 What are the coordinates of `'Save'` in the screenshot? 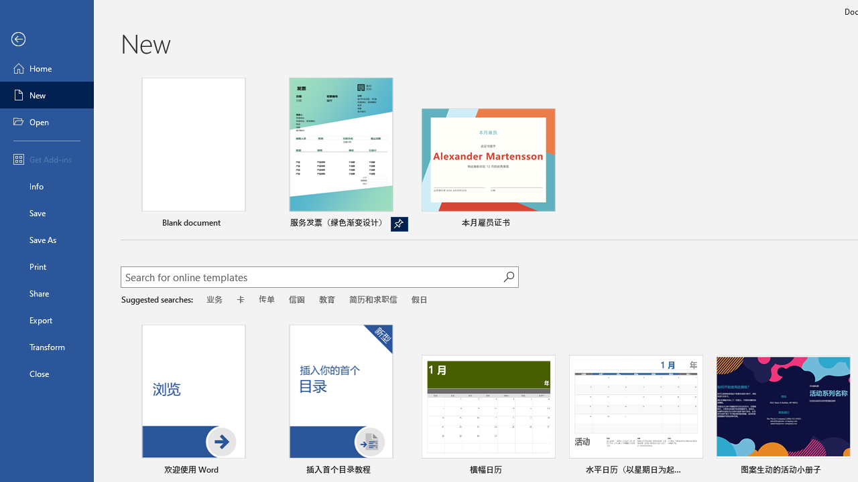 It's located at (46, 212).